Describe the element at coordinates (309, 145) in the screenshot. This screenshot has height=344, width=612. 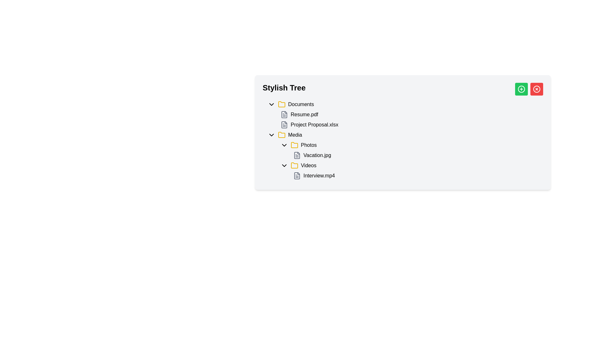
I see `the 'Photos' text label` at that location.